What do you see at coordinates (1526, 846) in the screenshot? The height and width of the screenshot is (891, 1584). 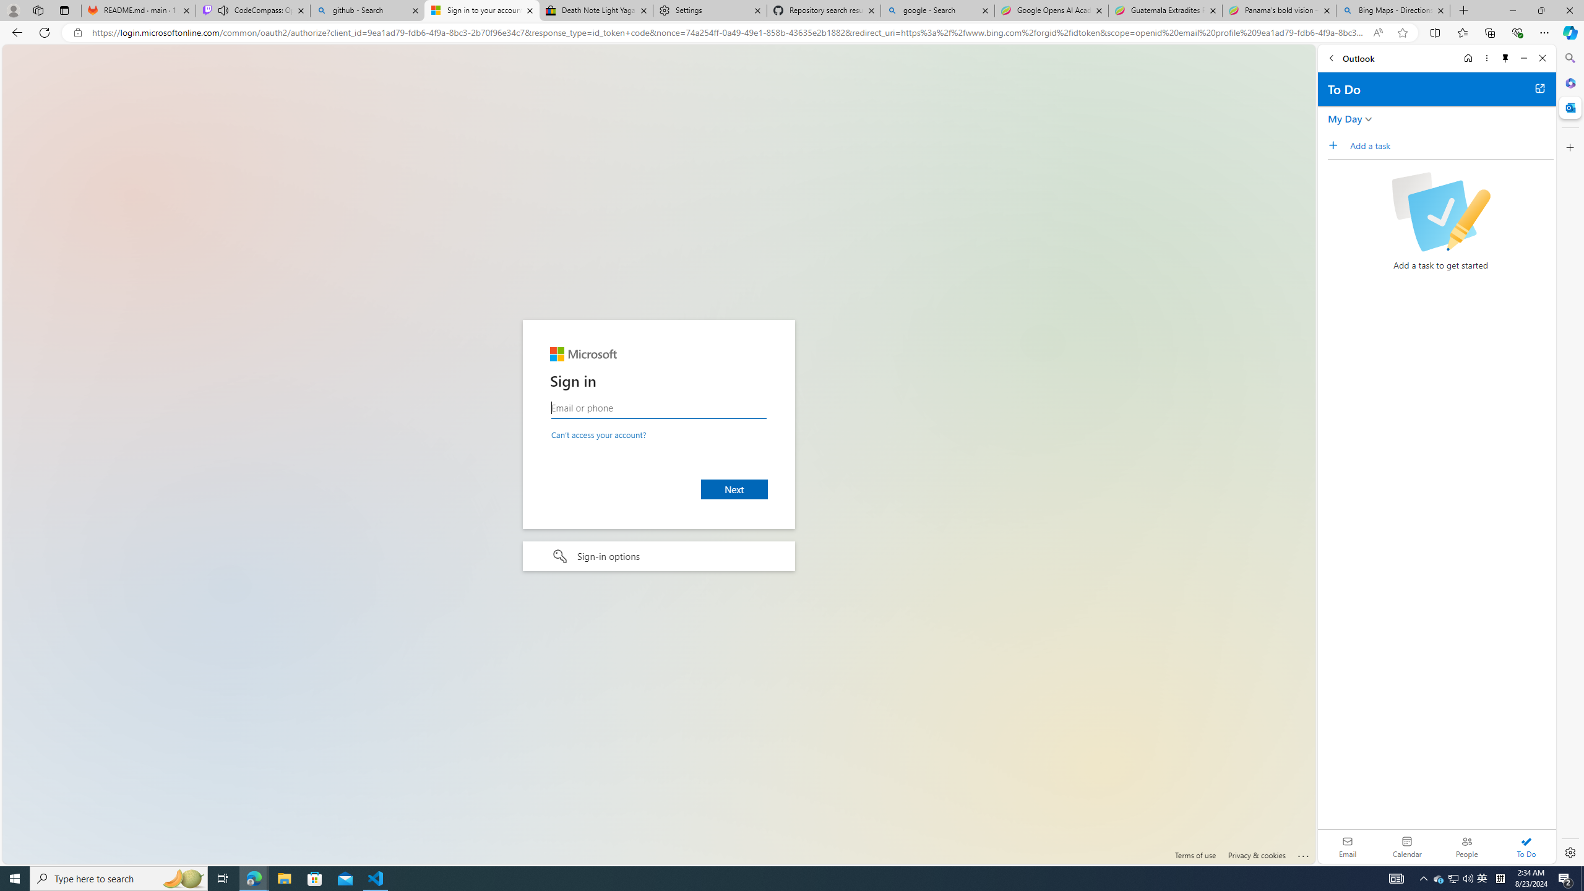 I see `'To Do'` at bounding box center [1526, 846].